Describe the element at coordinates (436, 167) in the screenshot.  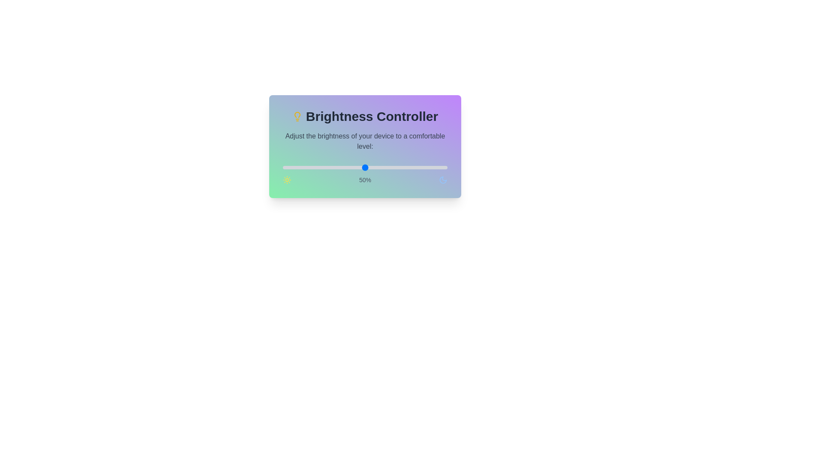
I see `the brightness to 93% by moving the slider` at that location.